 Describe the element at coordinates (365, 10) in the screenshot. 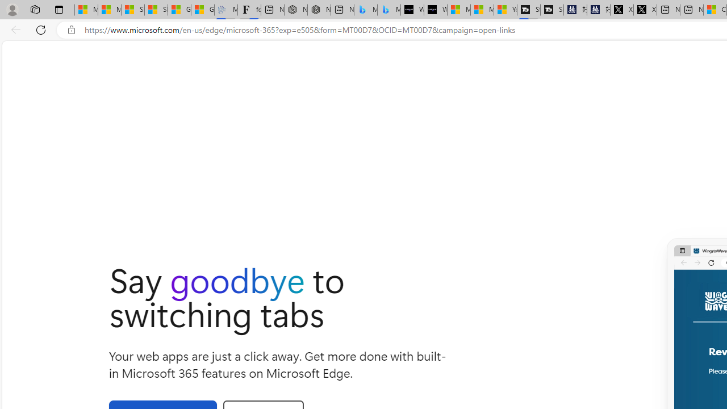

I see `'Microsoft Bing Travel - Stays in Bangkok, Bangkok, Thailand'` at that location.